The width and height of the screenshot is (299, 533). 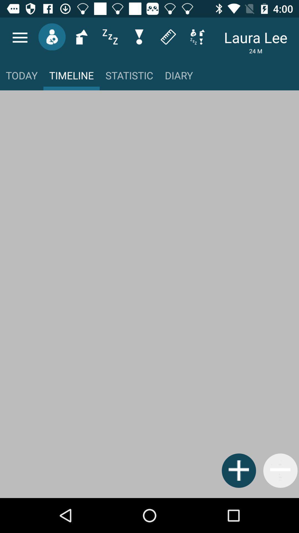 What do you see at coordinates (20, 37) in the screenshot?
I see `the menu icon` at bounding box center [20, 37].